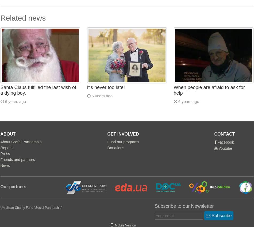 The height and width of the screenshot is (227, 254). I want to click on 'Friends and partners', so click(17, 159).